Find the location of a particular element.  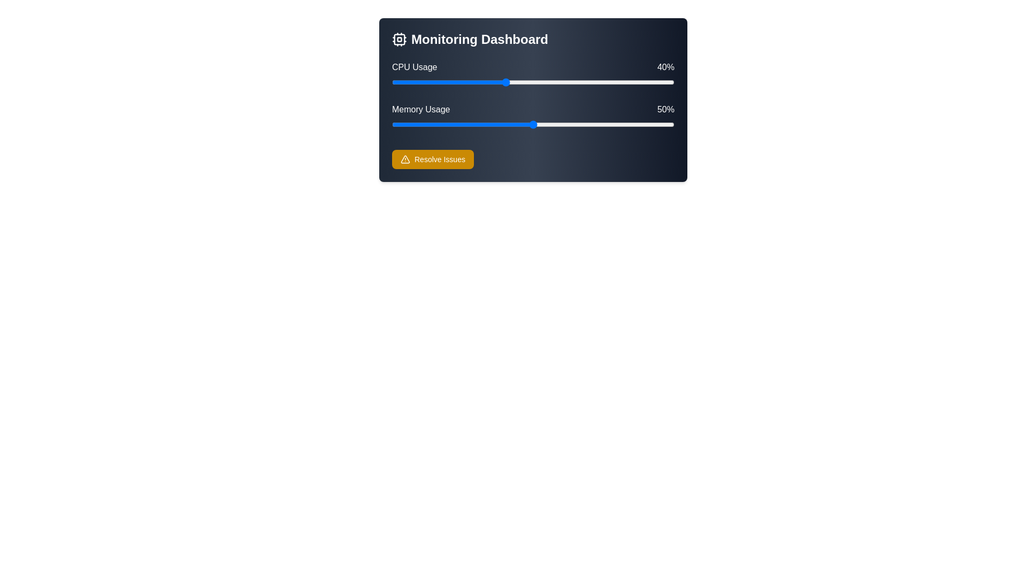

CPU usage is located at coordinates (629, 82).